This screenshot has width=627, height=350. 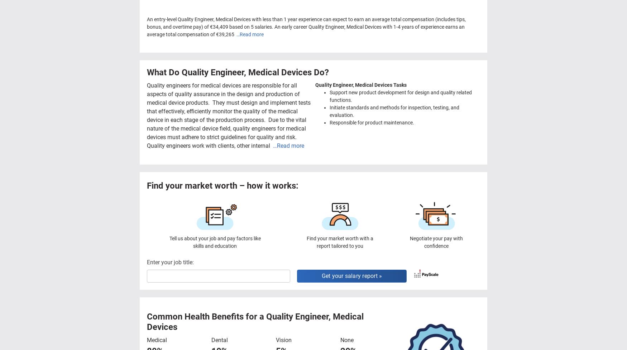 I want to click on 'Support new product development for design and quality related functions.', so click(x=401, y=96).